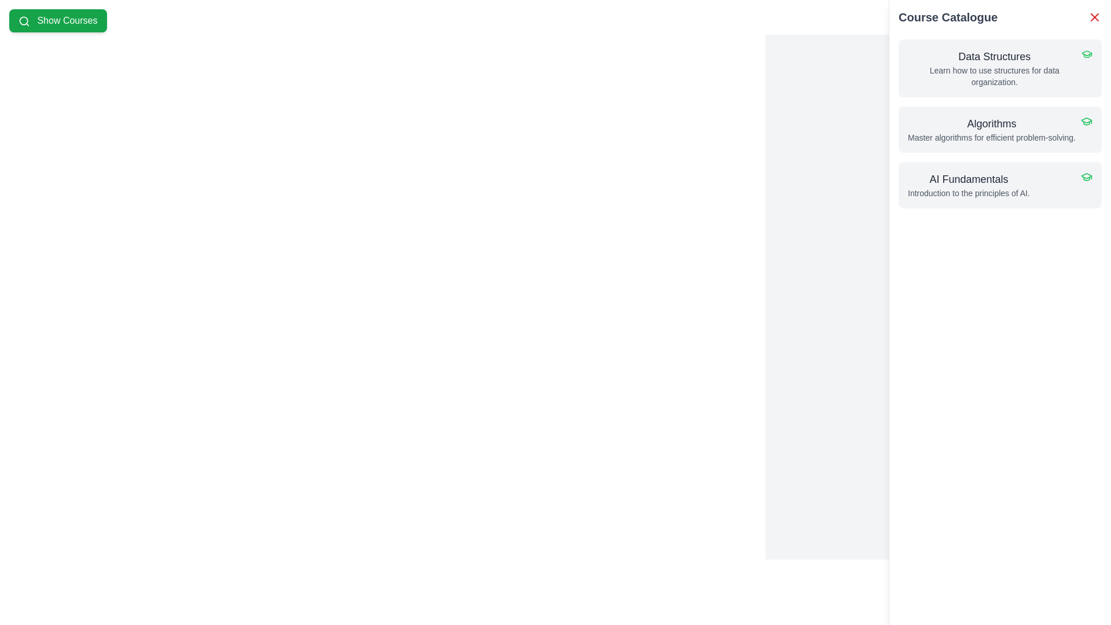 This screenshot has height=625, width=1111. What do you see at coordinates (969, 179) in the screenshot?
I see `the text label displaying 'AI Fundamentals', which is positioned within the right-side panel labeled 'Course Catalogue', located above the description 'Introduction to the principles of AI.' and below 'Algorithms'` at bounding box center [969, 179].